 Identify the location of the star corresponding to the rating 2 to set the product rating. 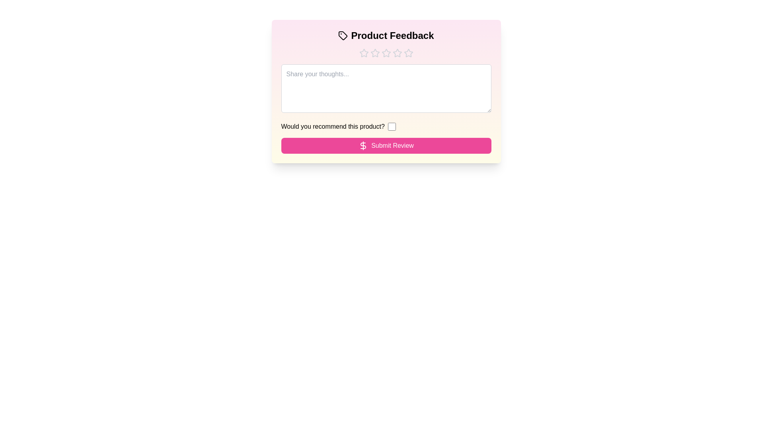
(374, 53).